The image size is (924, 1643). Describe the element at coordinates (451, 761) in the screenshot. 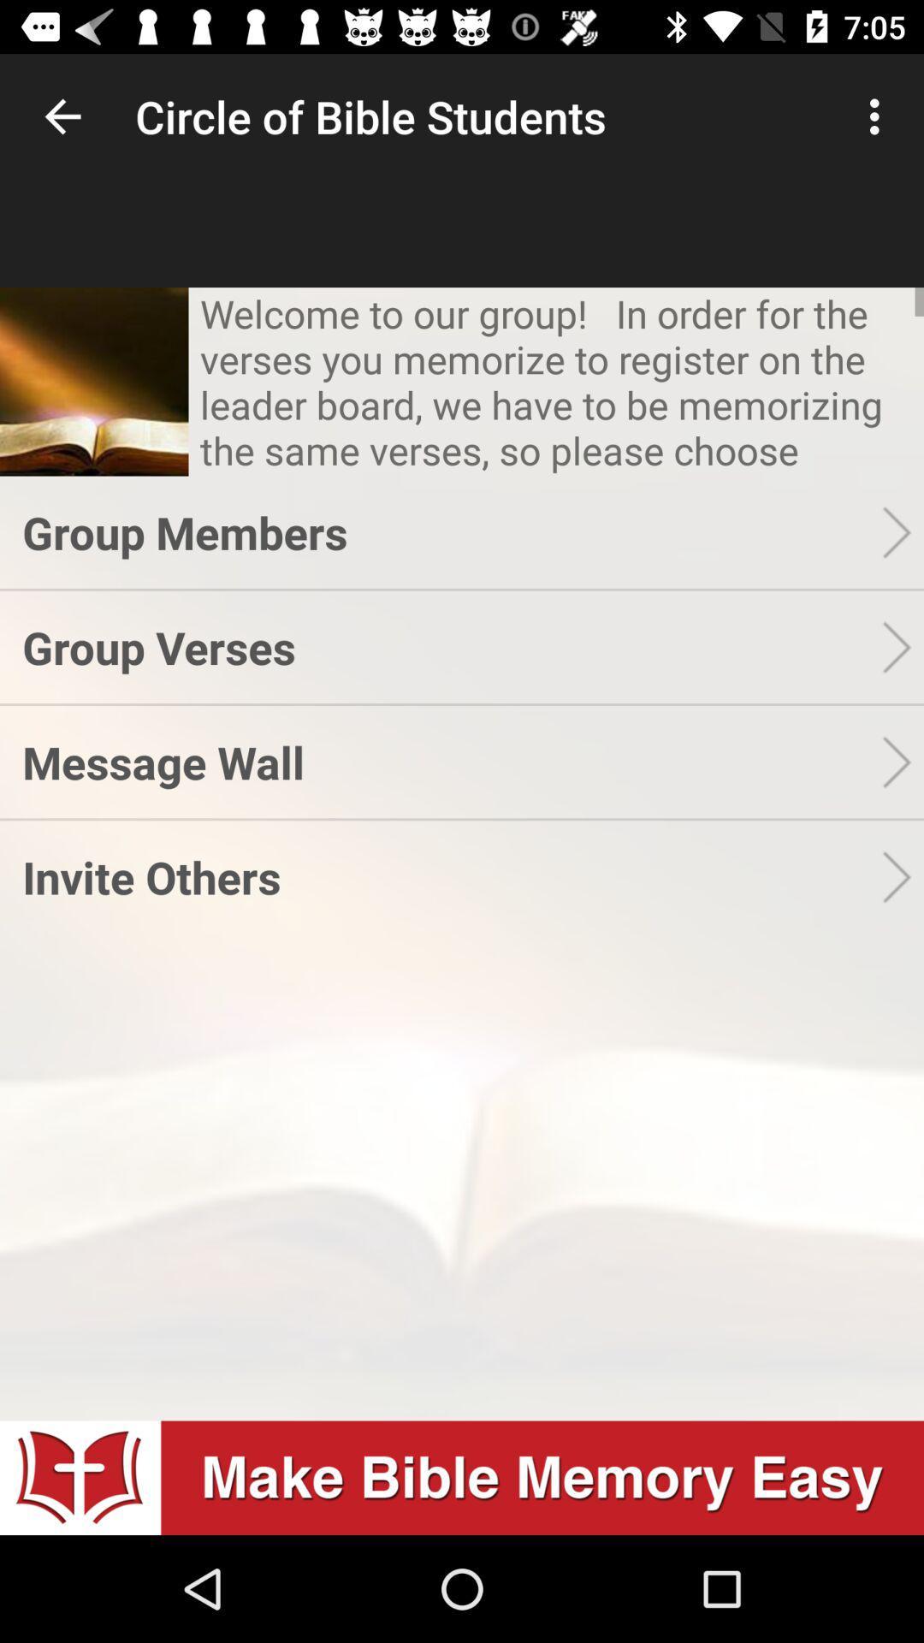

I see `message wall` at that location.